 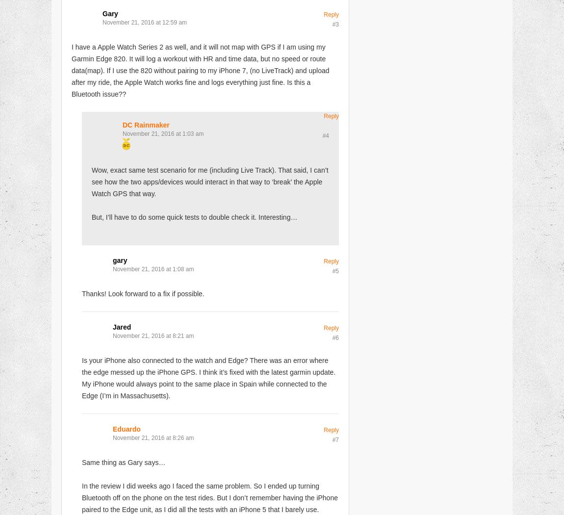 What do you see at coordinates (121, 326) in the screenshot?
I see `'Jared'` at bounding box center [121, 326].